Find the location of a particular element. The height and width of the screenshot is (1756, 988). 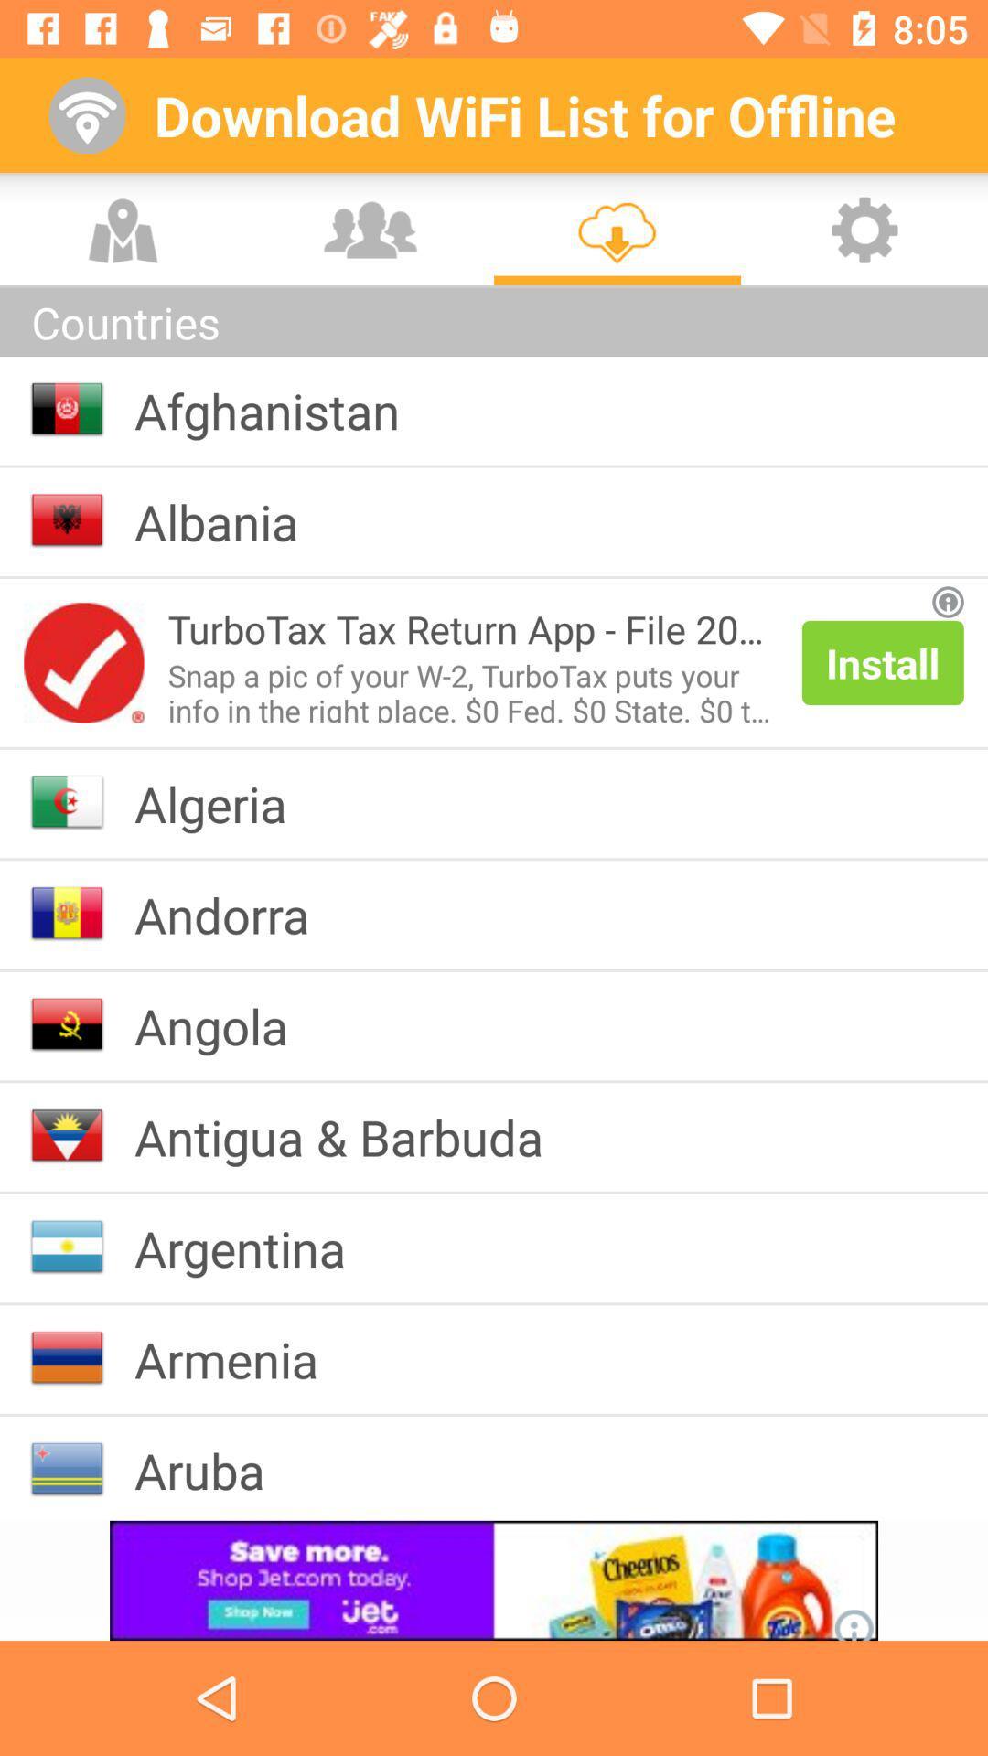

the argentina app is located at coordinates (254, 1247).